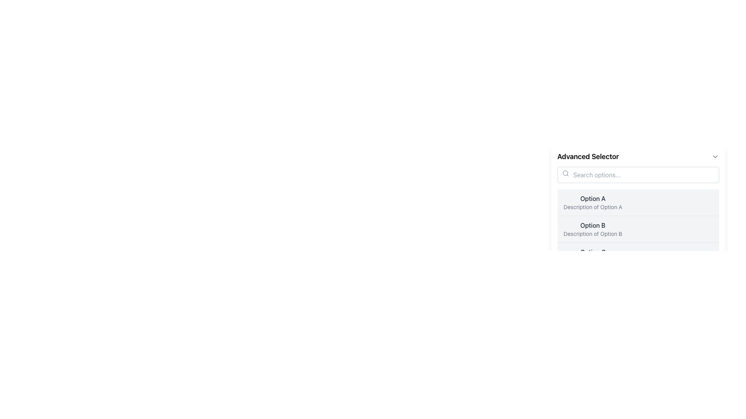  What do you see at coordinates (565, 173) in the screenshot?
I see `the magnifying glass icon located at the top-left corner of the 'Search options...' text input box` at bounding box center [565, 173].